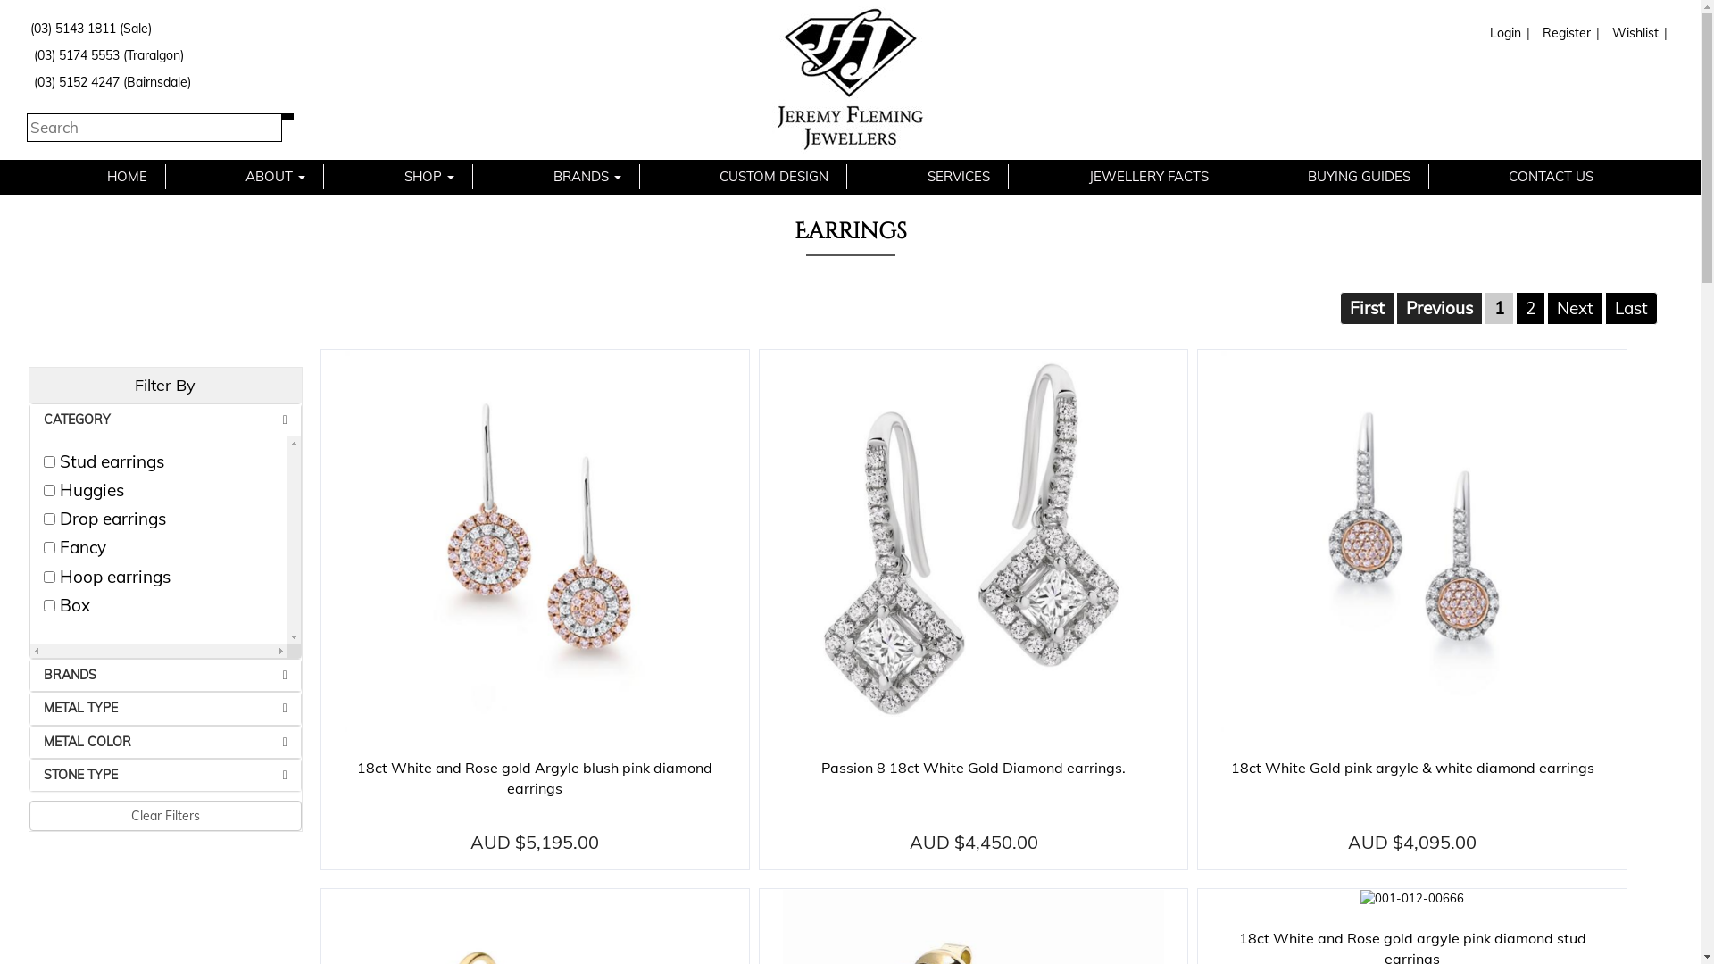  What do you see at coordinates (1515, 306) in the screenshot?
I see `'2'` at bounding box center [1515, 306].